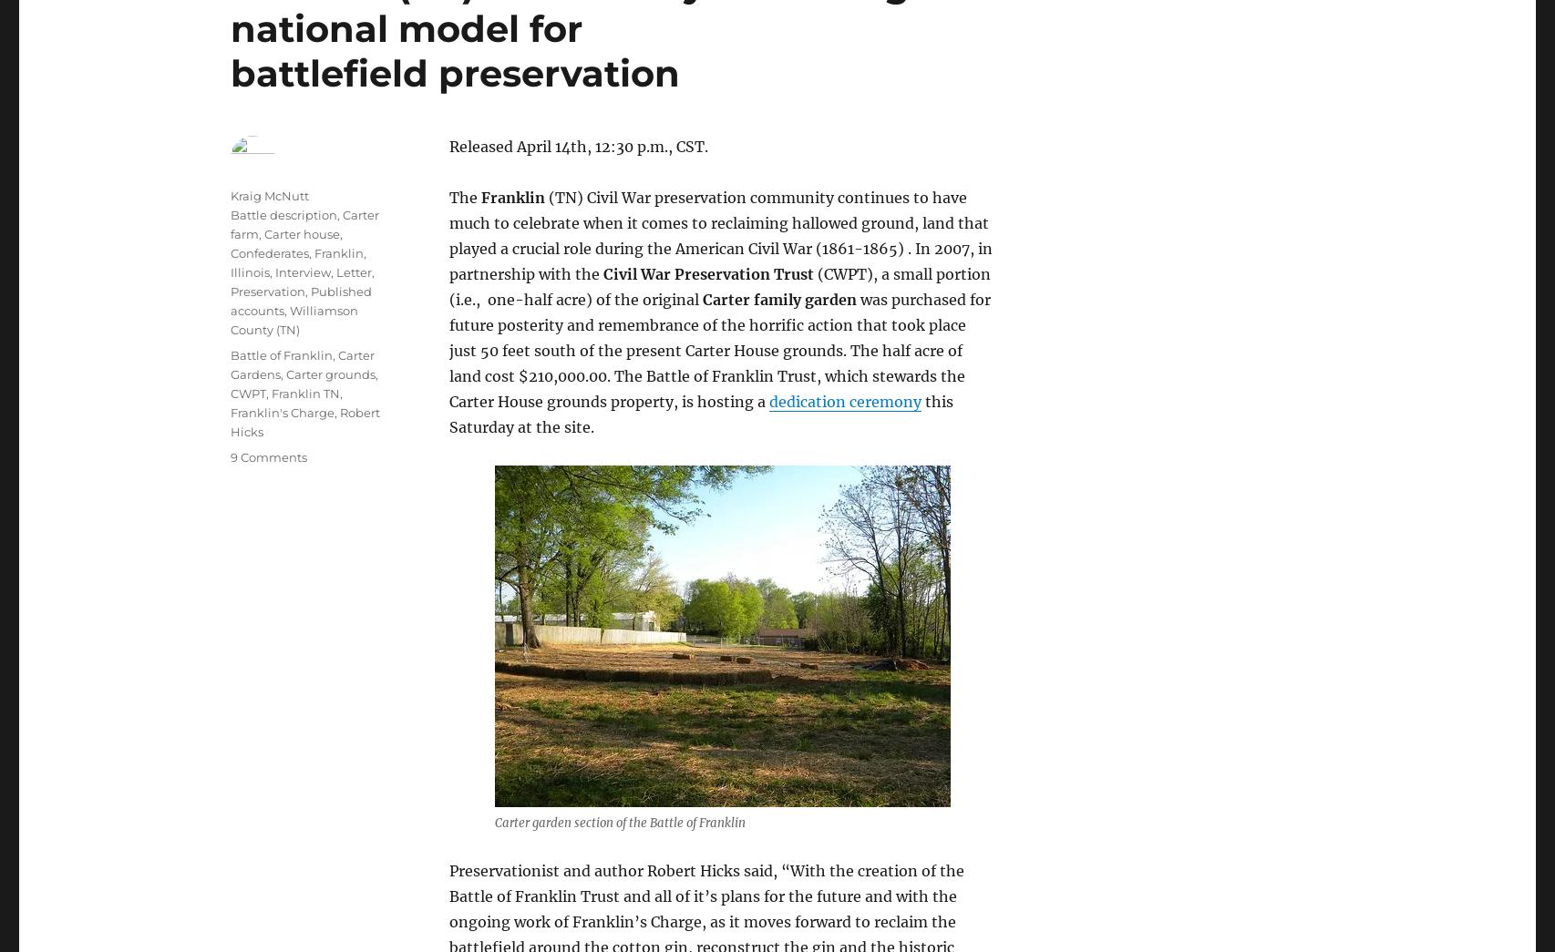 Image resolution: width=1555 pixels, height=952 pixels. I want to click on 'Carter family garden', so click(779, 299).